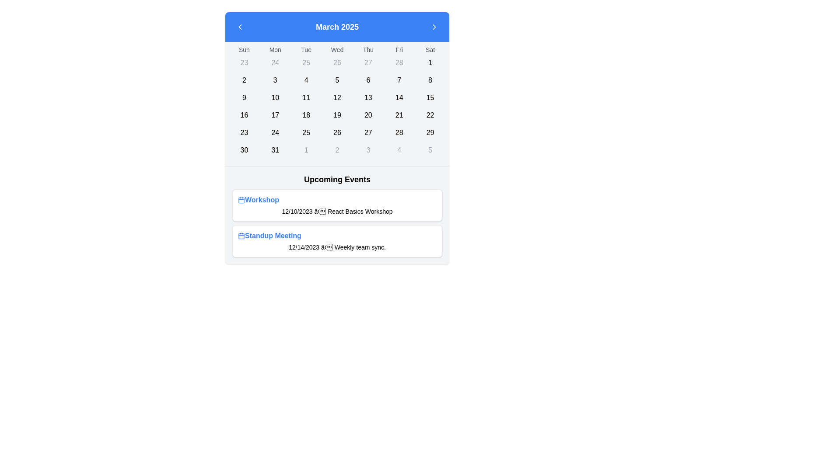 This screenshot has width=840, height=472. Describe the element at coordinates (337, 149) in the screenshot. I see `the button representing the date '2' on the calendar view` at that location.